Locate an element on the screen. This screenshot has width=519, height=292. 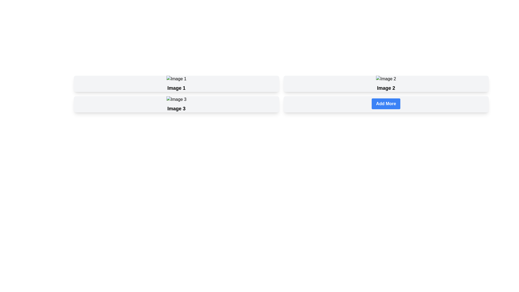
the image placeholder located in the first card at the top-left corner of the interface, which lies atop the 'Image 1' text is located at coordinates (176, 79).